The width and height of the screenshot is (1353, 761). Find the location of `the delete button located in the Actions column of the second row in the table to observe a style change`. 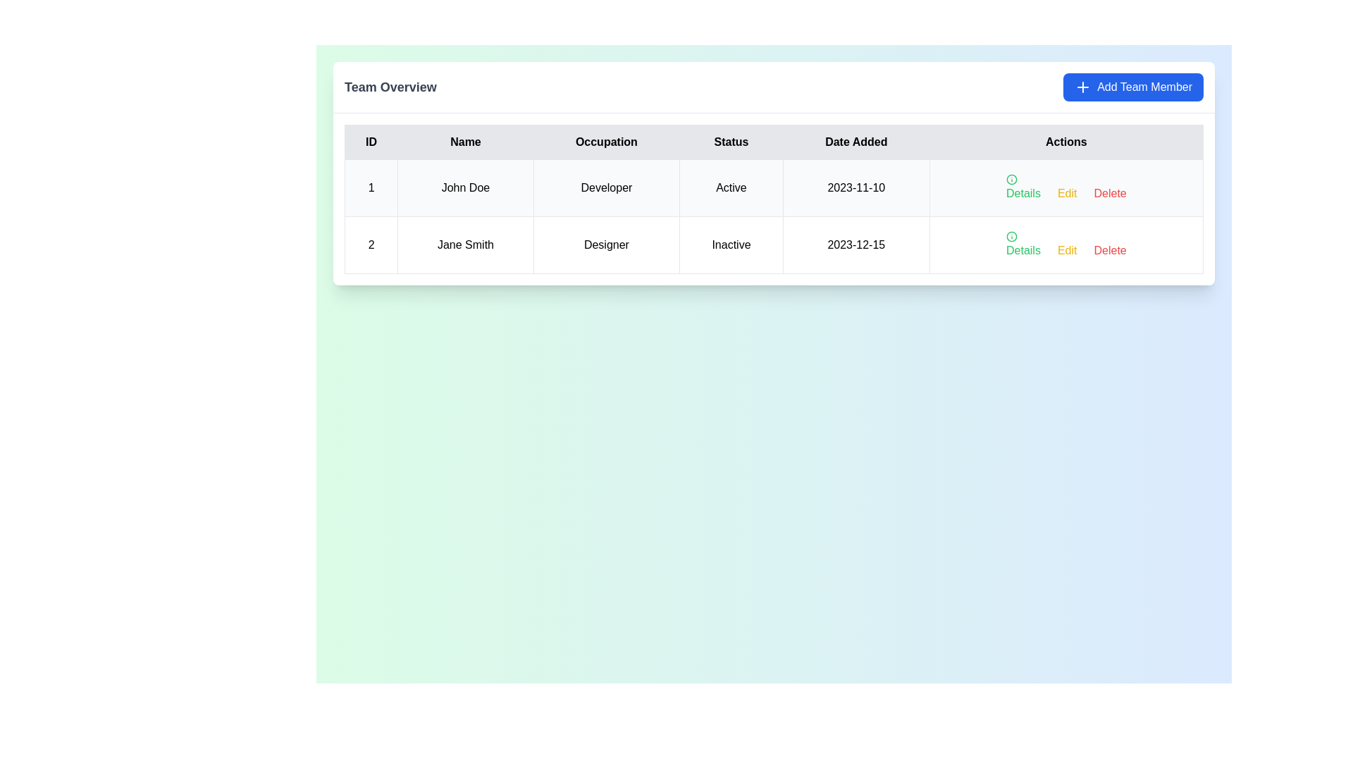

the delete button located in the Actions column of the second row in the table to observe a style change is located at coordinates (1109, 193).